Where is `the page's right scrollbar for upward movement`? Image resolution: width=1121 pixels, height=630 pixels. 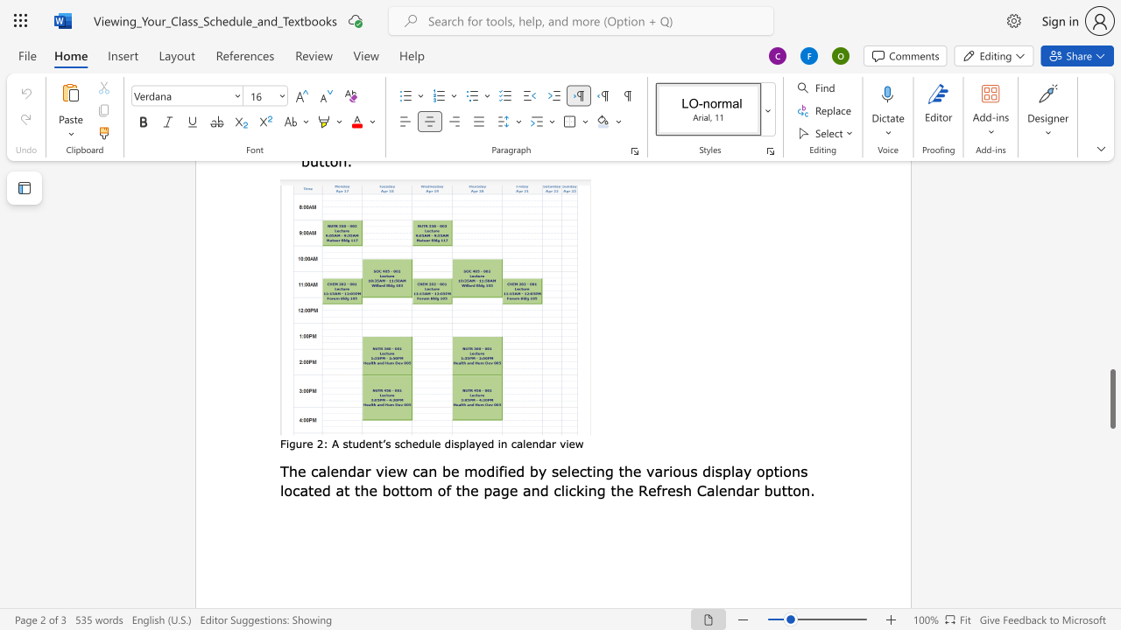 the page's right scrollbar for upward movement is located at coordinates (1111, 208).